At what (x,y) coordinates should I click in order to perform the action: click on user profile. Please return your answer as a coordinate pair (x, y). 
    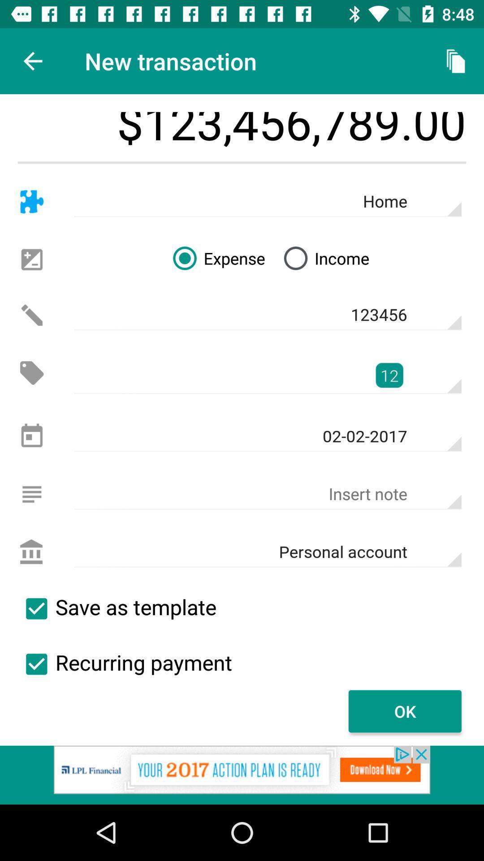
    Looking at the image, I should click on (31, 552).